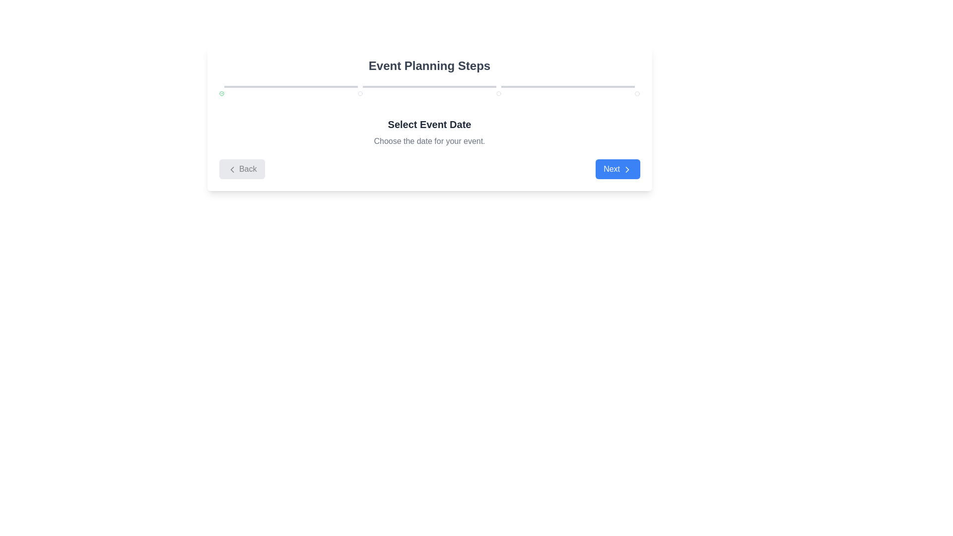 This screenshot has height=536, width=953. I want to click on the navigation icon located on the right side of the 'Next' button at the bottom-right corner of the main content area to explore context options, so click(626, 169).